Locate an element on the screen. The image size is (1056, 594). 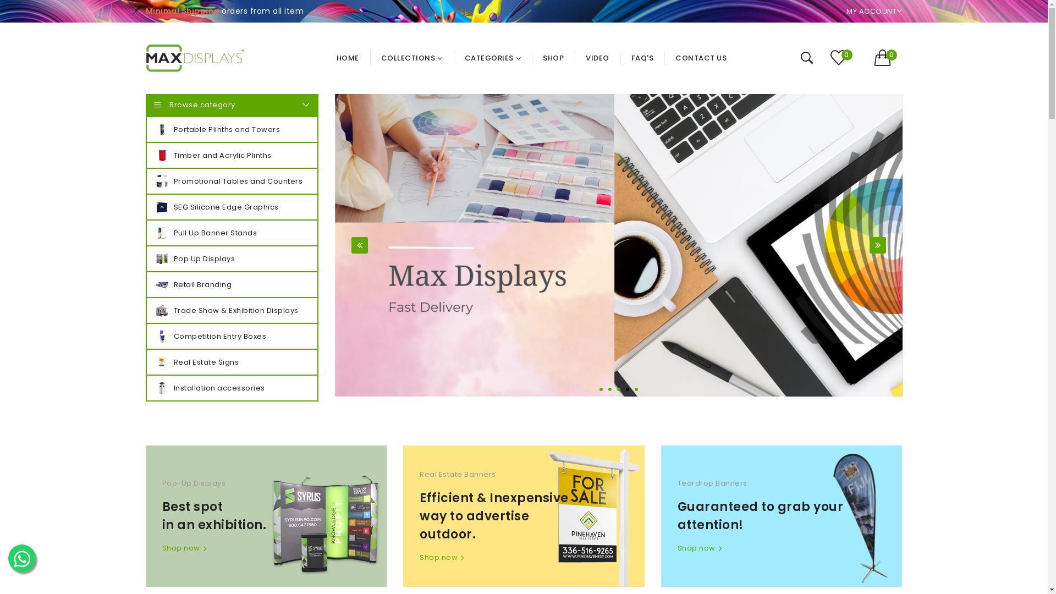
'FAQ'S' is located at coordinates (642, 58).